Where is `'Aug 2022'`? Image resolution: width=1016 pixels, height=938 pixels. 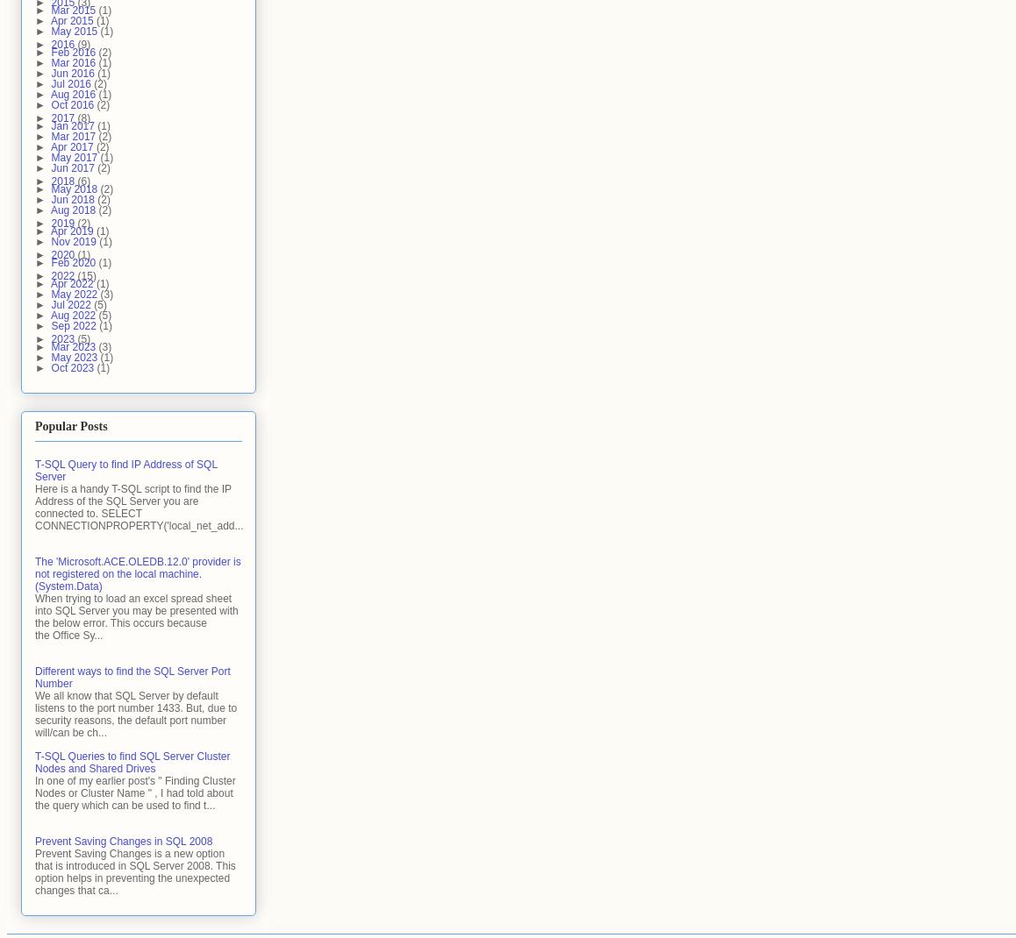 'Aug 2022' is located at coordinates (74, 314).